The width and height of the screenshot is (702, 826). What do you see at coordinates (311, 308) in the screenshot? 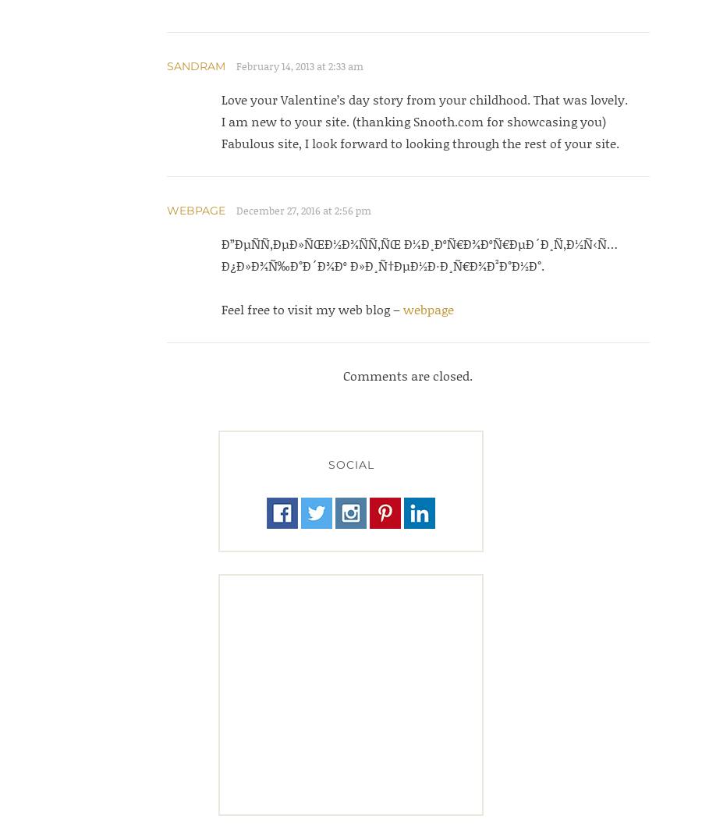
I see `'Feel free to visit my web blog –'` at bounding box center [311, 308].